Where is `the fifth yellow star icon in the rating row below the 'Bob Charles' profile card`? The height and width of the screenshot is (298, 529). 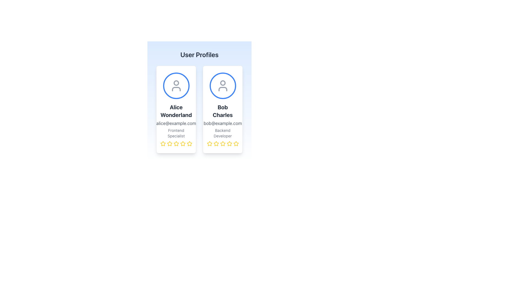
the fifth yellow star icon in the rating row below the 'Bob Charles' profile card is located at coordinates (229, 143).